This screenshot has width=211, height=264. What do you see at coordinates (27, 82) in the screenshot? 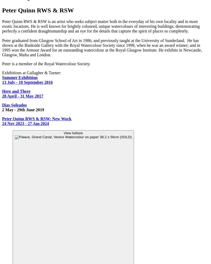
I see `'13 July - 10 September 2016'` at bounding box center [27, 82].